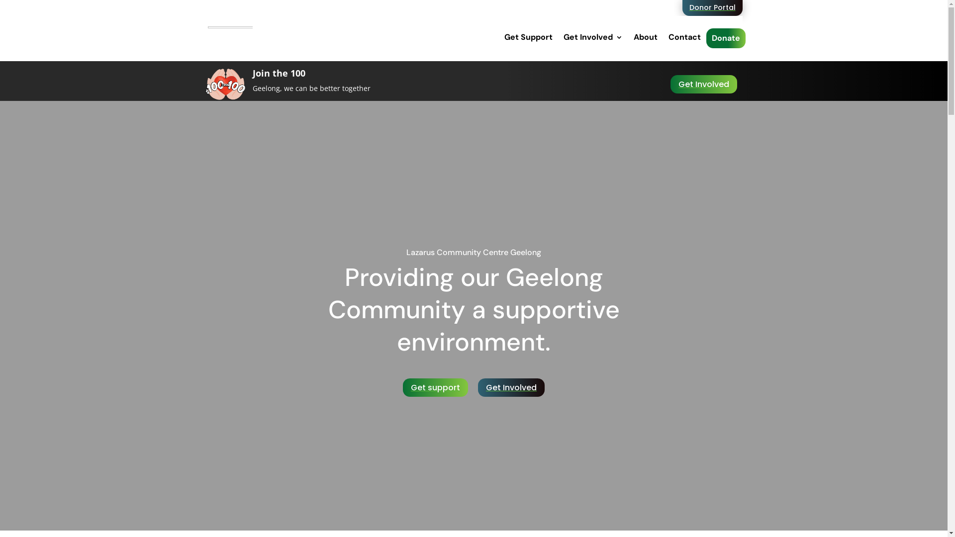 The width and height of the screenshot is (955, 537). What do you see at coordinates (511, 387) in the screenshot?
I see `'Get Involved'` at bounding box center [511, 387].